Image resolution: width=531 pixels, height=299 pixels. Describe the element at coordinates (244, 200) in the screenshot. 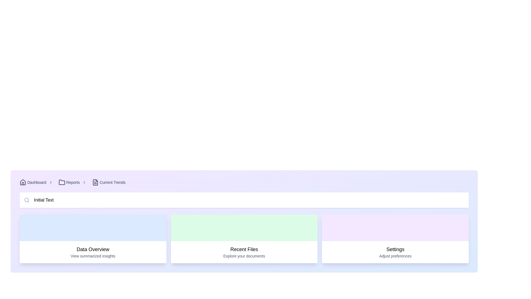

I see `text within the input field (search bar) located beneath the breadcrumb section labeled 'Dashboard > Reports > Current Trends' and above the content cards labeled 'Data Overview', 'Recent Files', and 'Settings'` at that location.